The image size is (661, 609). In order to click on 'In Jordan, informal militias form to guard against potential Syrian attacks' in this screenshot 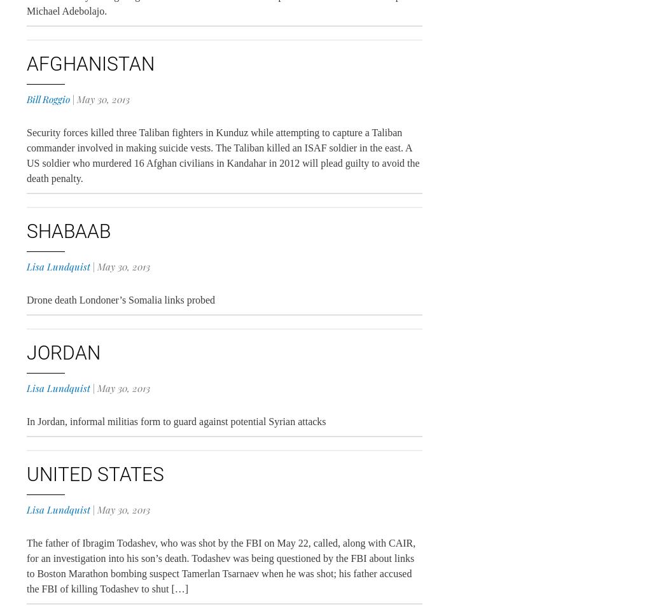, I will do `click(176, 421)`.